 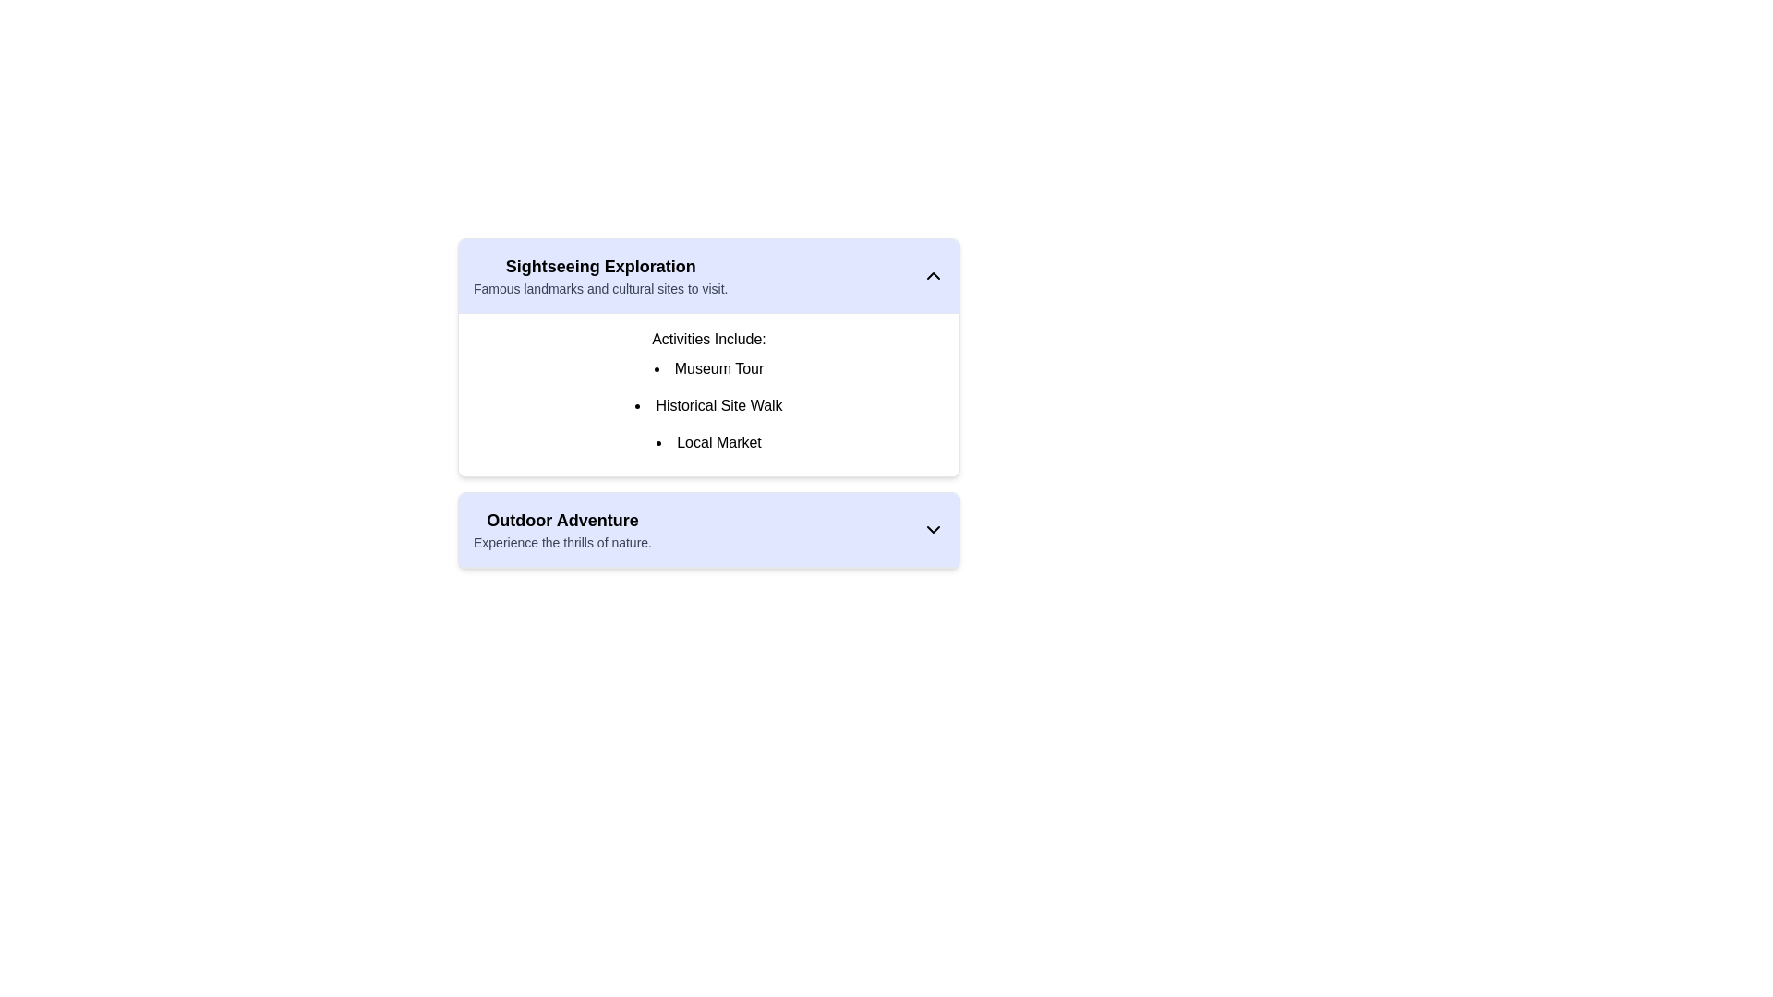 What do you see at coordinates (708, 394) in the screenshot?
I see `list displaying activities associated with the 'Sightseeing Exploration' category, located below the 'Sightseeing Exploration' section` at bounding box center [708, 394].